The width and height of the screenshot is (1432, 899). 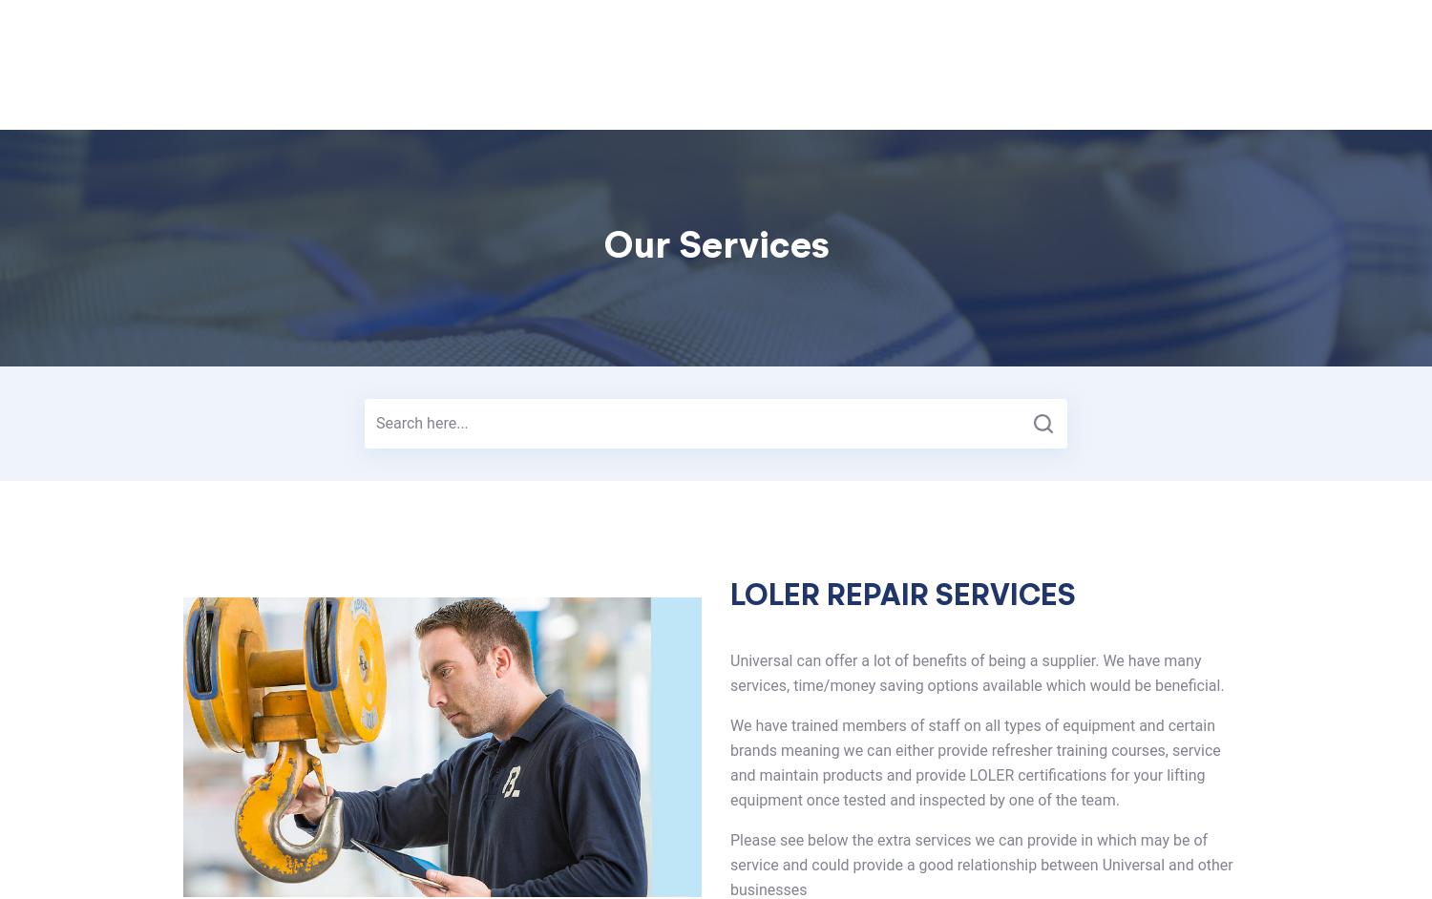 I want to click on 'Services', so click(x=558, y=89).